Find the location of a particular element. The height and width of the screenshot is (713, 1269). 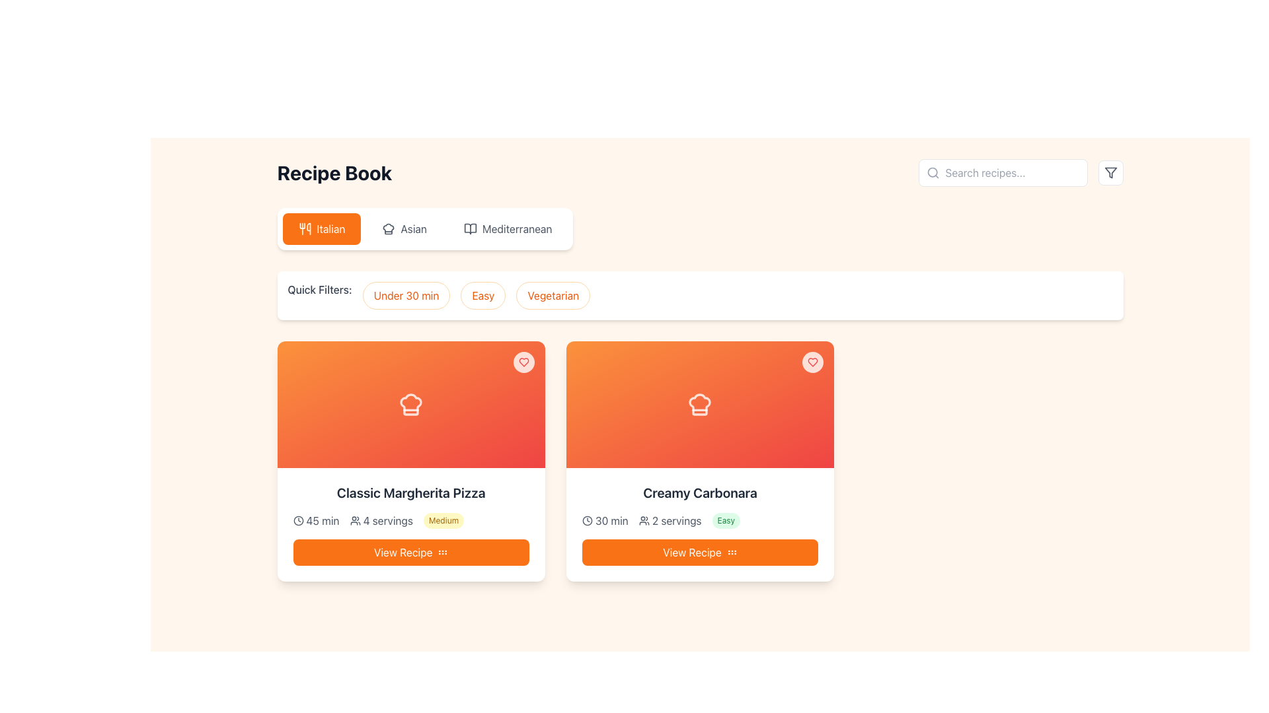

the clock icon representing the cooking time for 'Creamy Carbonara', located to the left of the text '30 min' is located at coordinates (586, 520).